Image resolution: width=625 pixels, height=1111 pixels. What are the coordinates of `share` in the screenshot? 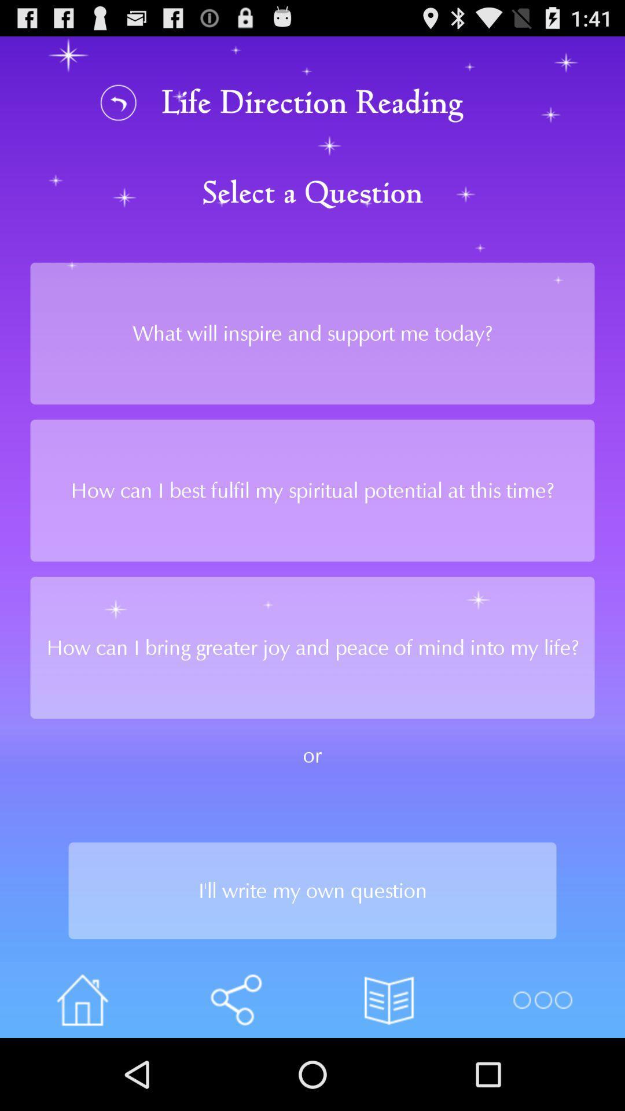 It's located at (235, 999).